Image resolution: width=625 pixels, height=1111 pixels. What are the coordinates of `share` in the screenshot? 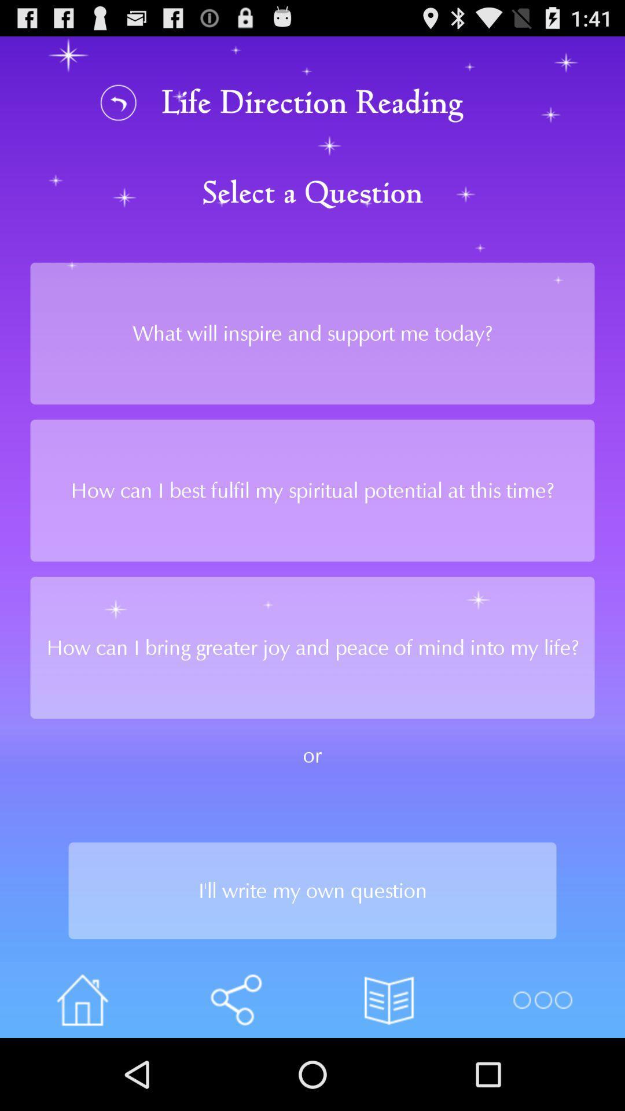 It's located at (235, 999).